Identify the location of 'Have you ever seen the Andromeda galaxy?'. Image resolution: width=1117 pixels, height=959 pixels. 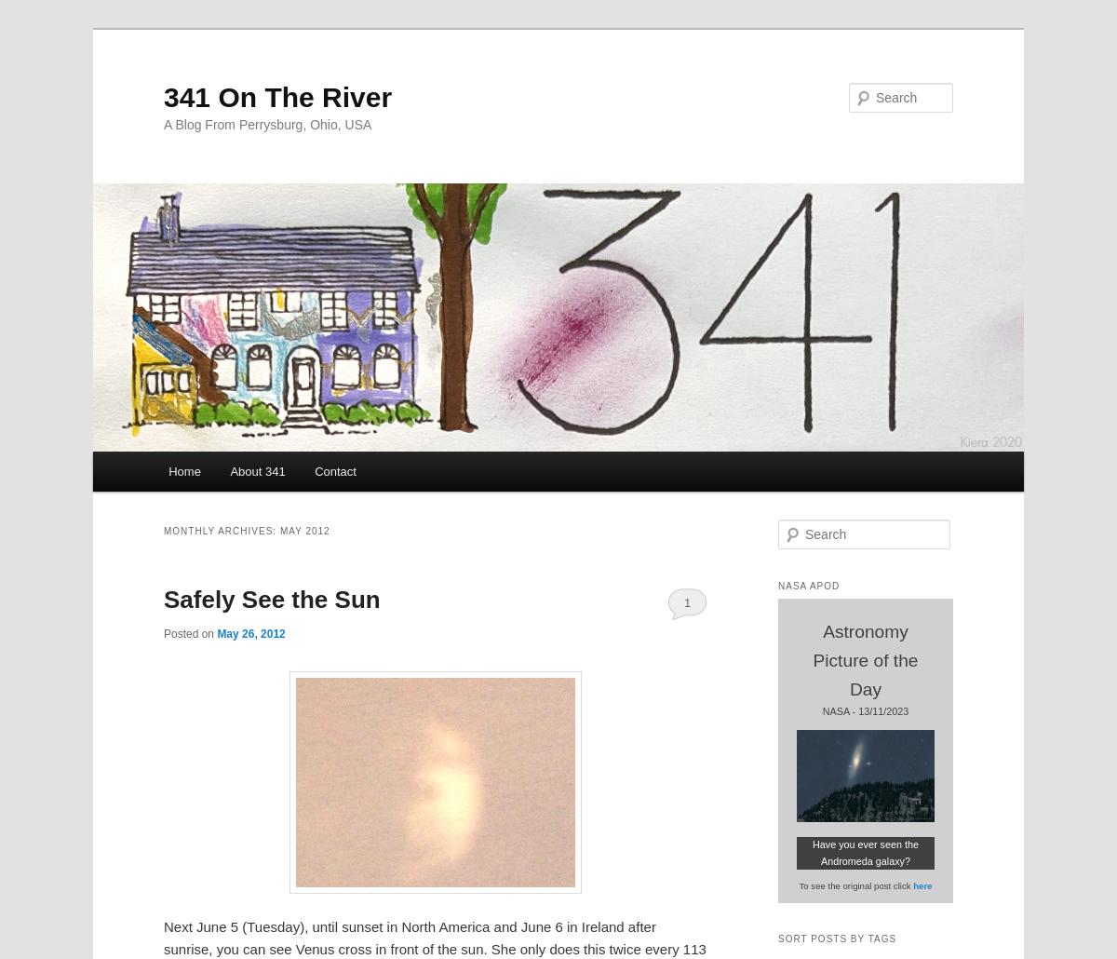
(865, 852).